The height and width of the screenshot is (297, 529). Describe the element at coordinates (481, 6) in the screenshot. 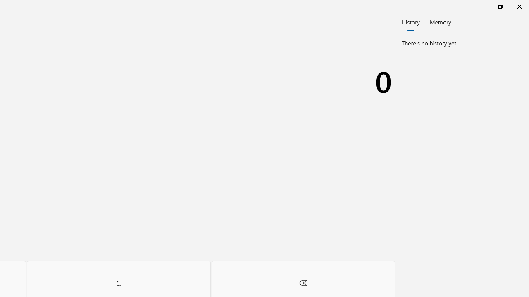

I see `'Minimize Calculator'` at that location.